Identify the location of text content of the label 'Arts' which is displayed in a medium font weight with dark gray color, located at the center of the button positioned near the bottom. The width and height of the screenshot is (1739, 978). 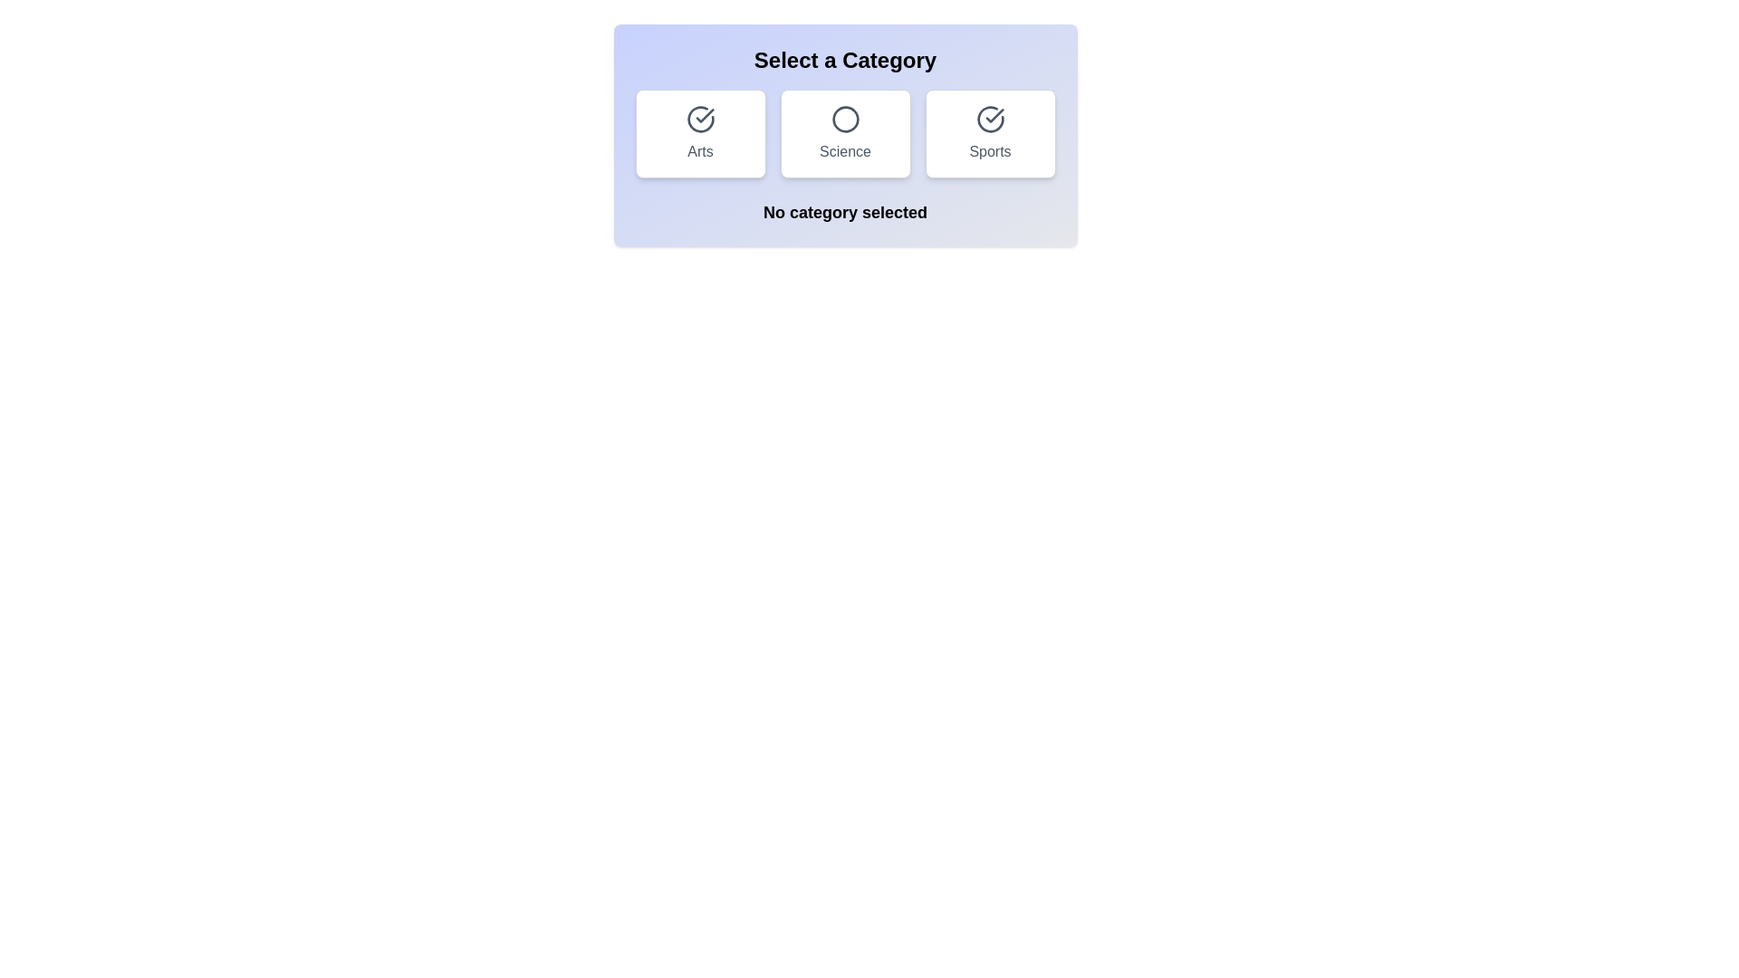
(699, 151).